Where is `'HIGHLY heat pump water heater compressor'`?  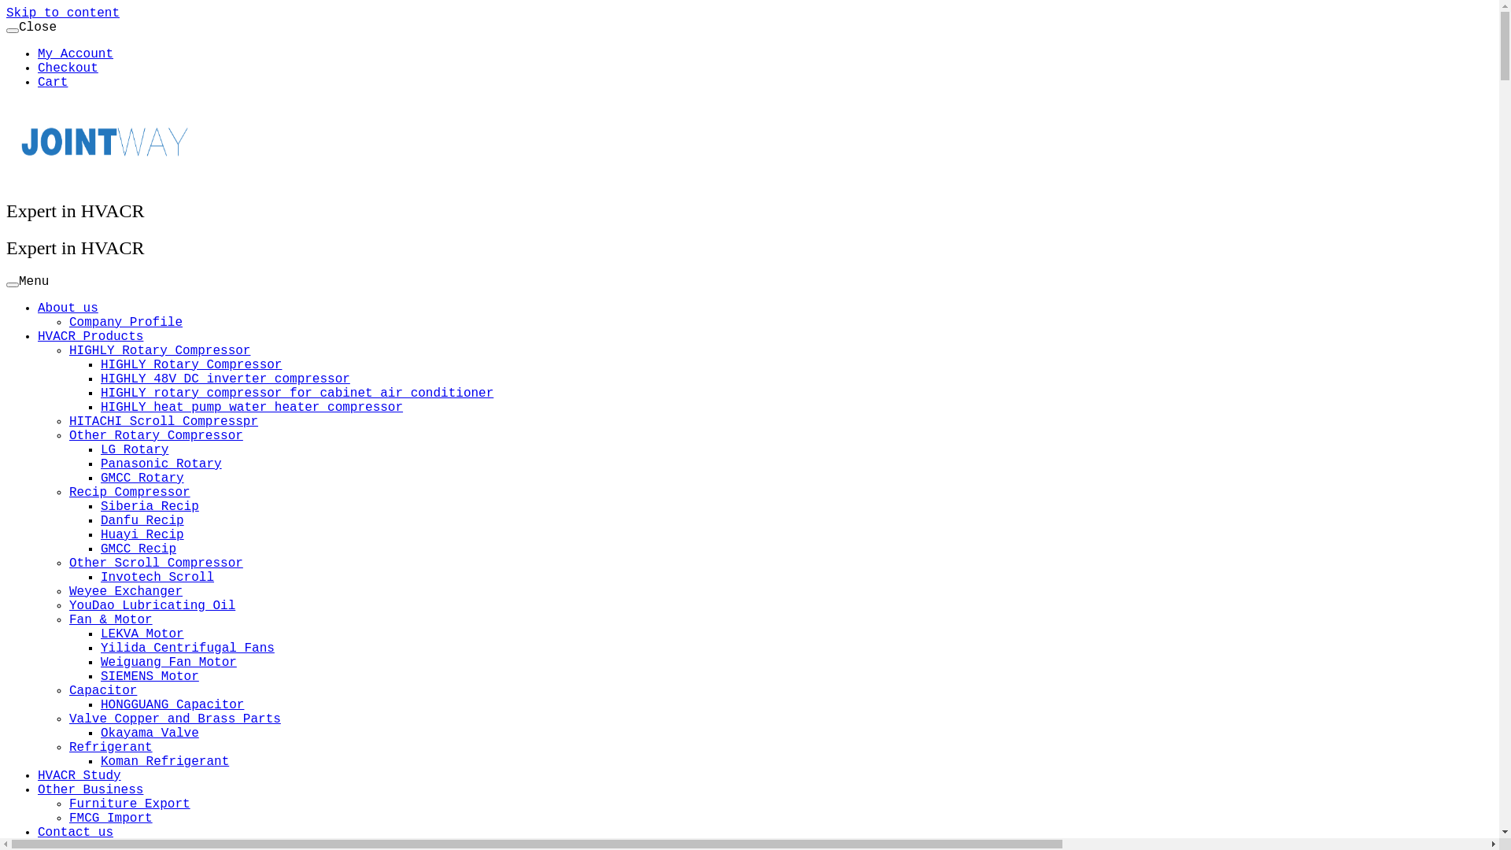 'HIGHLY heat pump water heater compressor' is located at coordinates (252, 406).